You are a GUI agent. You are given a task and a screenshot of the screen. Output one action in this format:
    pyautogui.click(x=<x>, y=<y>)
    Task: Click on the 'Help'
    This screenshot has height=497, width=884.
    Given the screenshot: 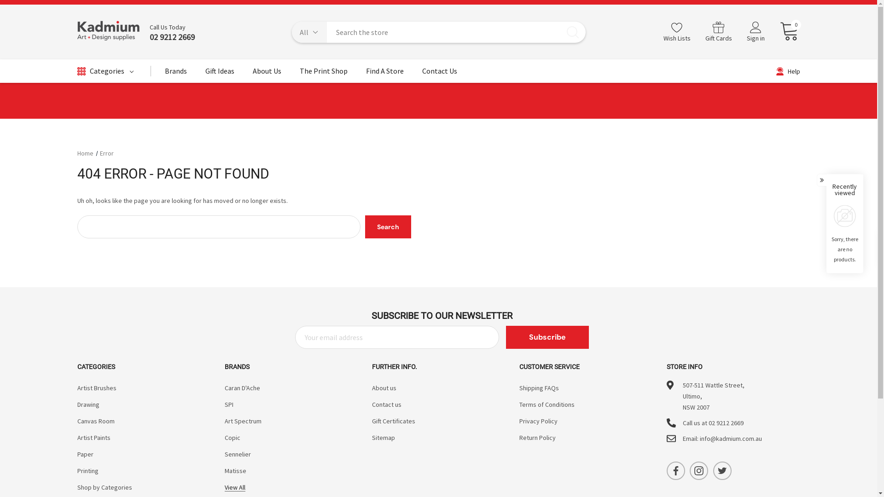 What is the action you would take?
    pyautogui.click(x=788, y=70)
    